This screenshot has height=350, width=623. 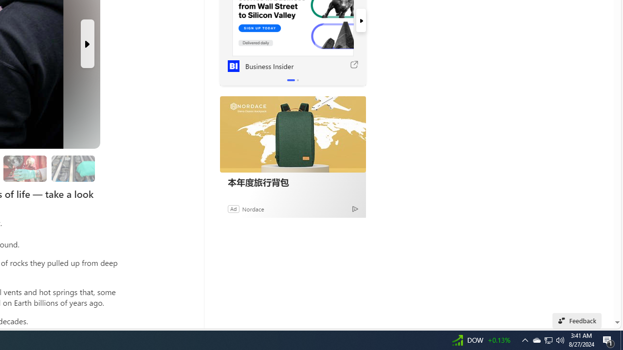 I want to click on 'next', so click(x=360, y=20).